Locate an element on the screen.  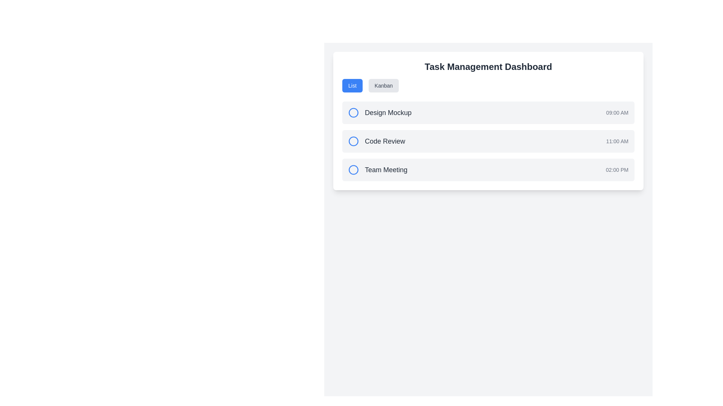
the 'Team Meeting' text label, which displays the title in medium gray font, located to the right of a blue circular icon is located at coordinates (378, 170).